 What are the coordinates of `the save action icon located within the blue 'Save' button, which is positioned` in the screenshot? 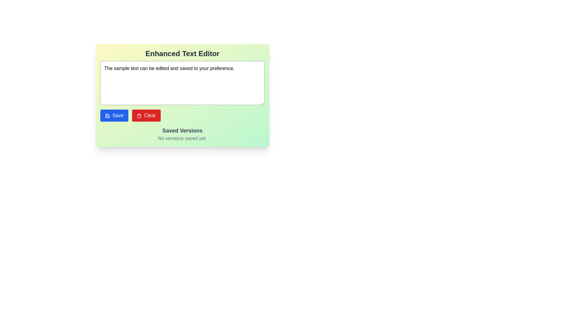 It's located at (107, 115).